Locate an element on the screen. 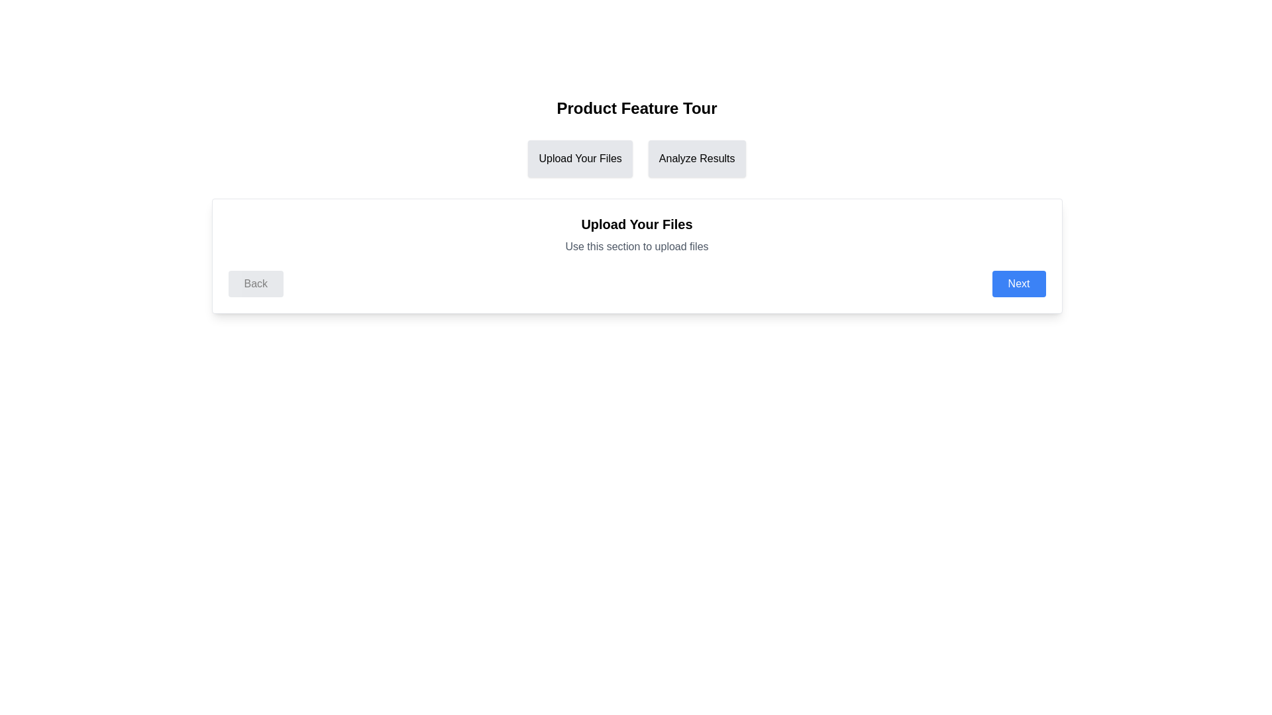  the heading text label located at the top center of the content area, which introduces the current feature or functionality is located at coordinates (637, 108).